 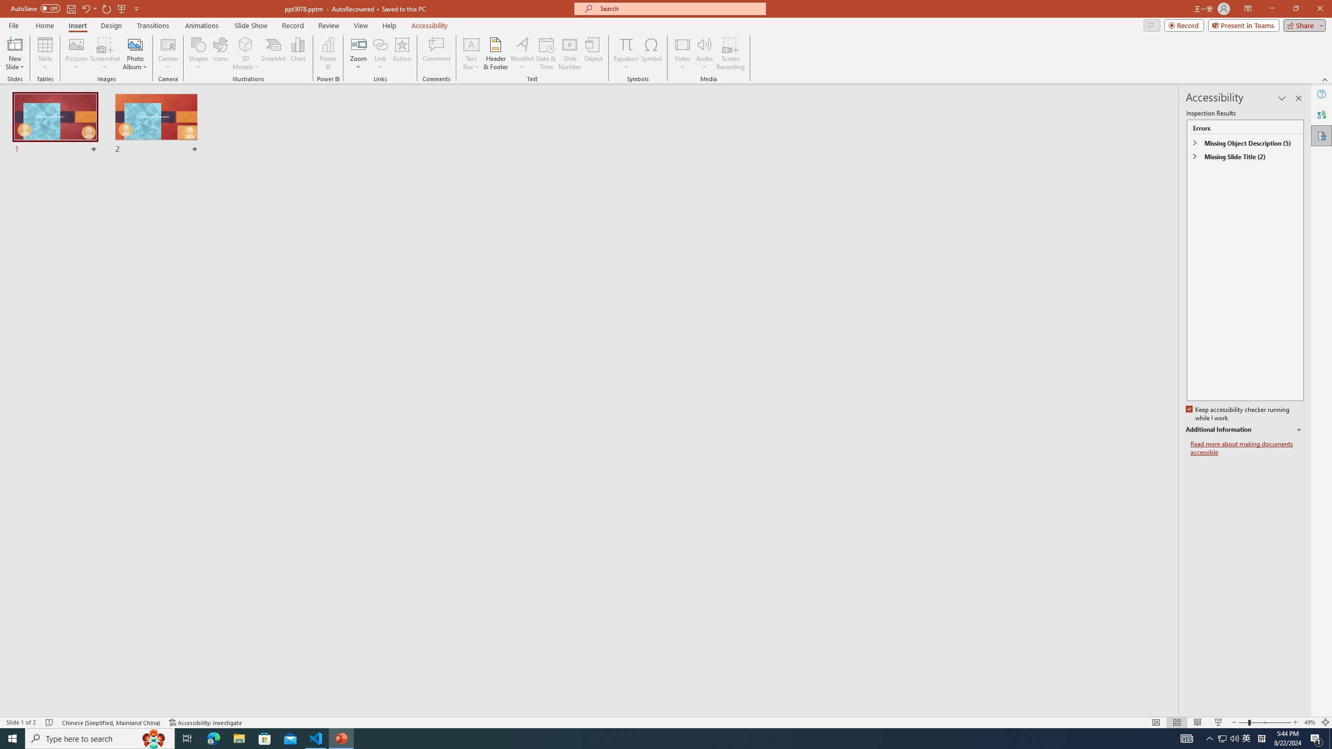 What do you see at coordinates (1247, 448) in the screenshot?
I see `'Read more about making documents accessible'` at bounding box center [1247, 448].